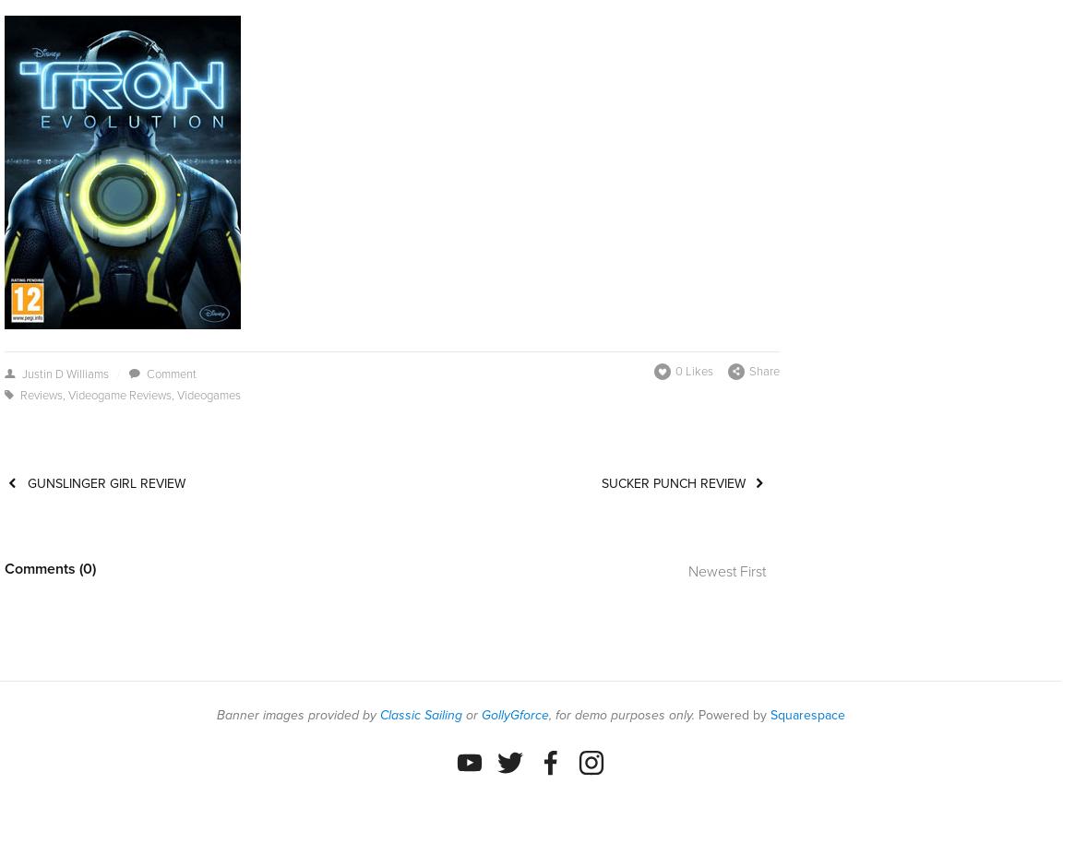 The height and width of the screenshot is (867, 1075). Describe the element at coordinates (733, 714) in the screenshot. I see `'Powered by'` at that location.